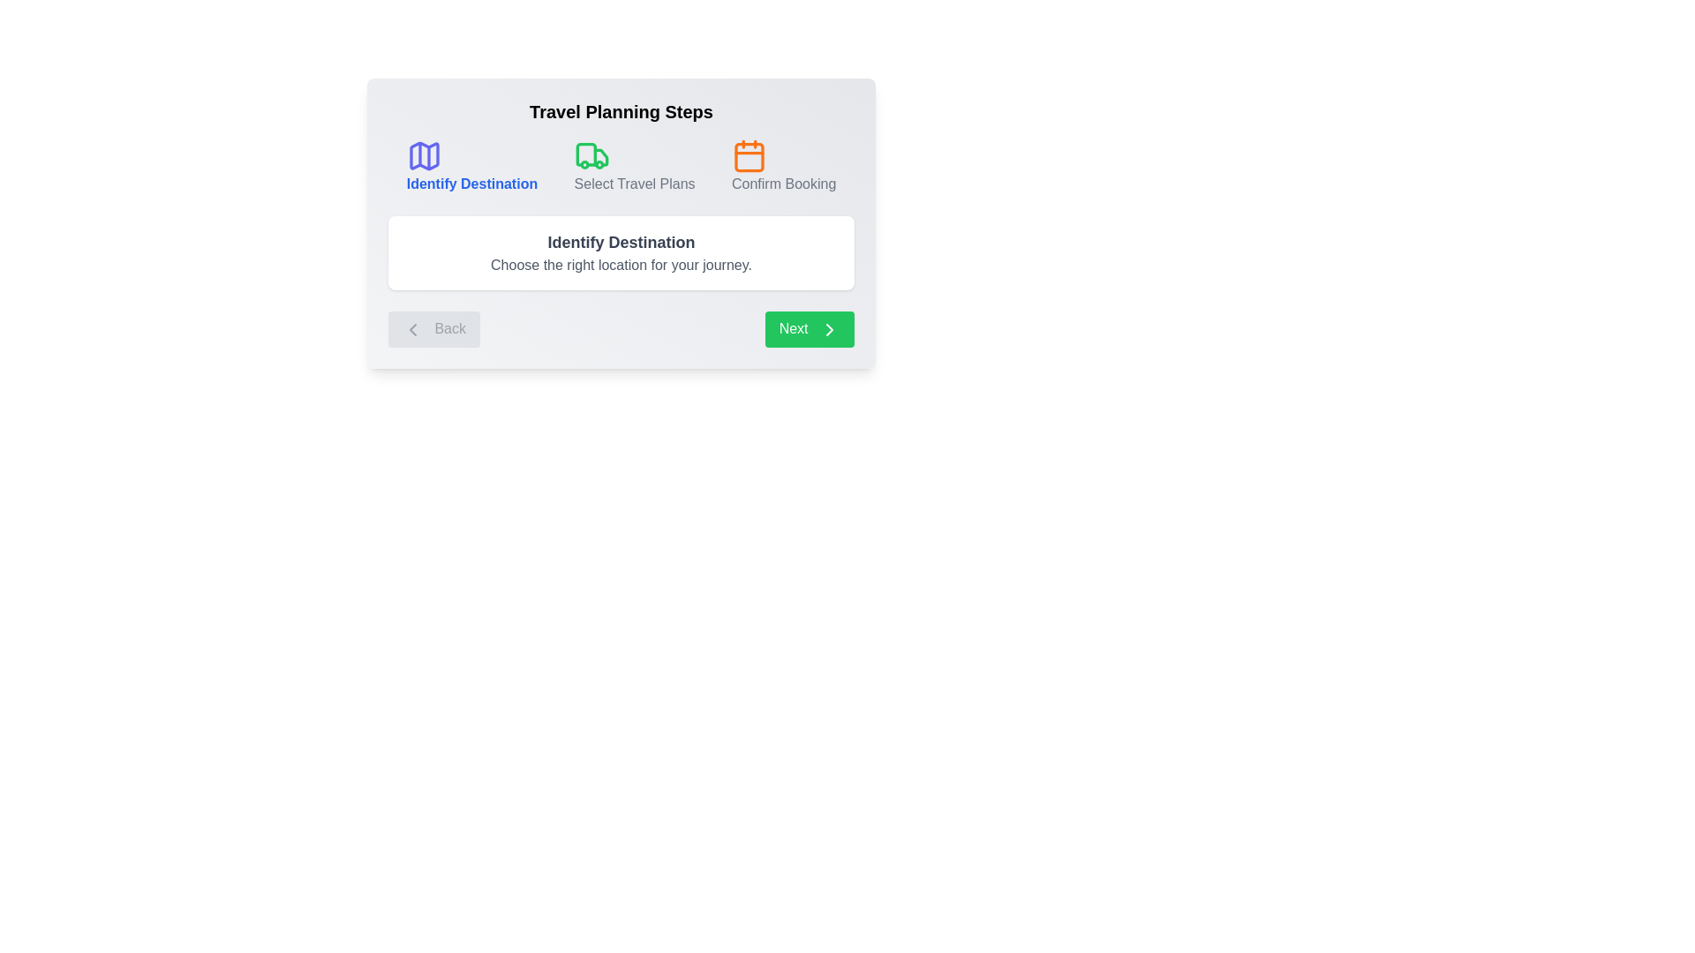  I want to click on the Text Label that serves as a heading for a section in the travel planning interface, positioned above the description text within a white rounded rectangle box, so click(621, 242).